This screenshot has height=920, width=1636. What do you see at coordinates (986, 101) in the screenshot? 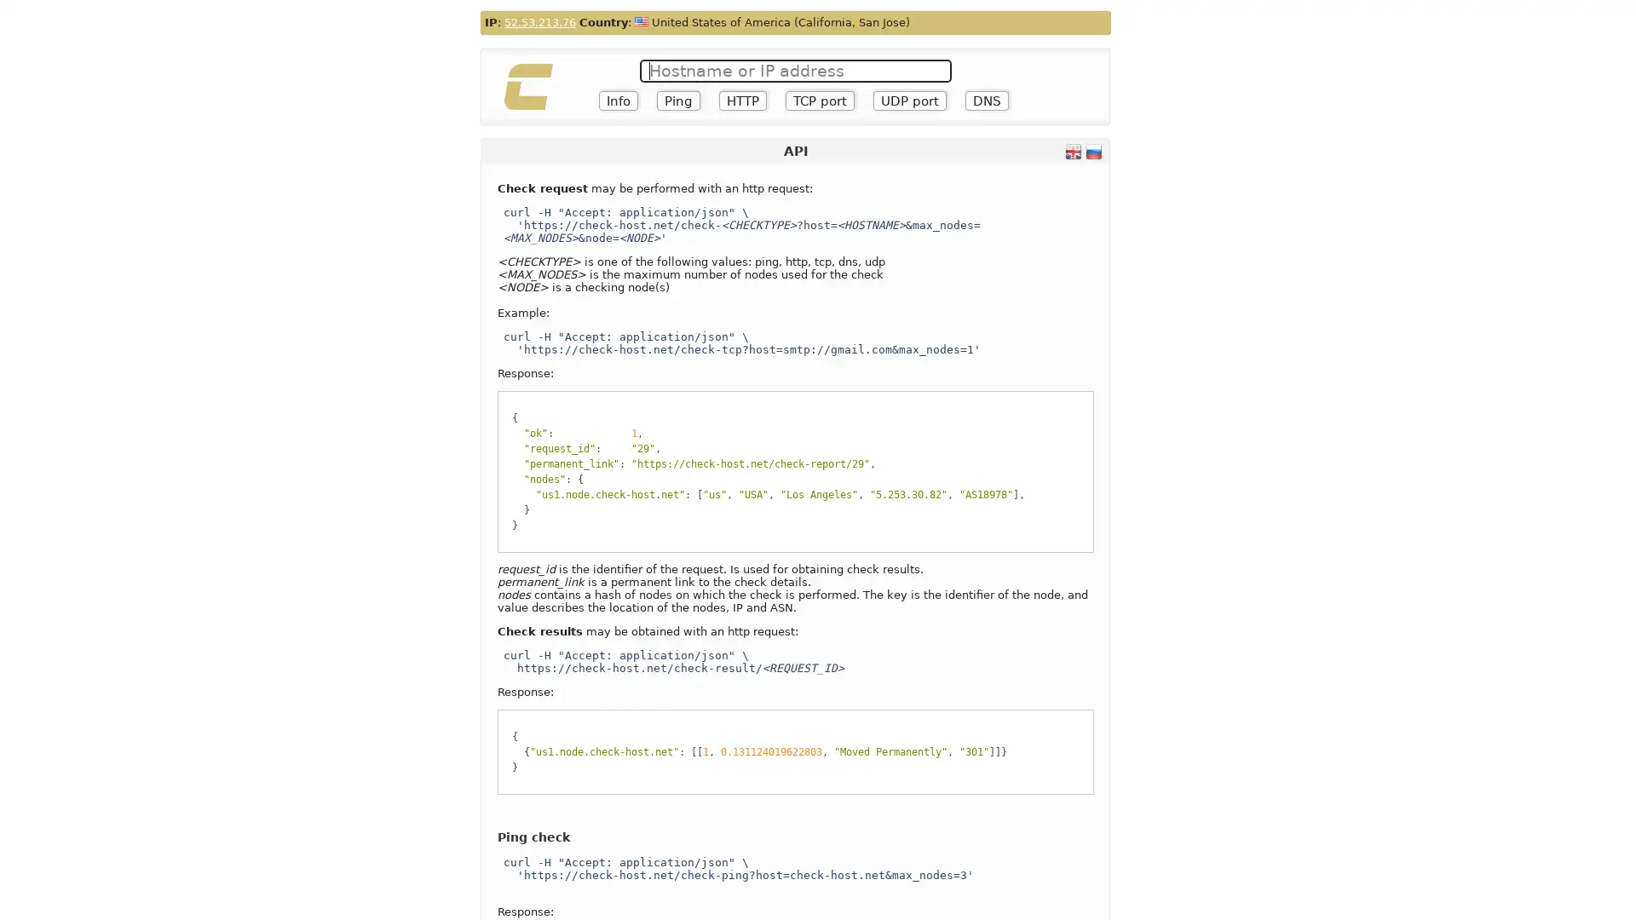
I see `DNS` at bounding box center [986, 101].